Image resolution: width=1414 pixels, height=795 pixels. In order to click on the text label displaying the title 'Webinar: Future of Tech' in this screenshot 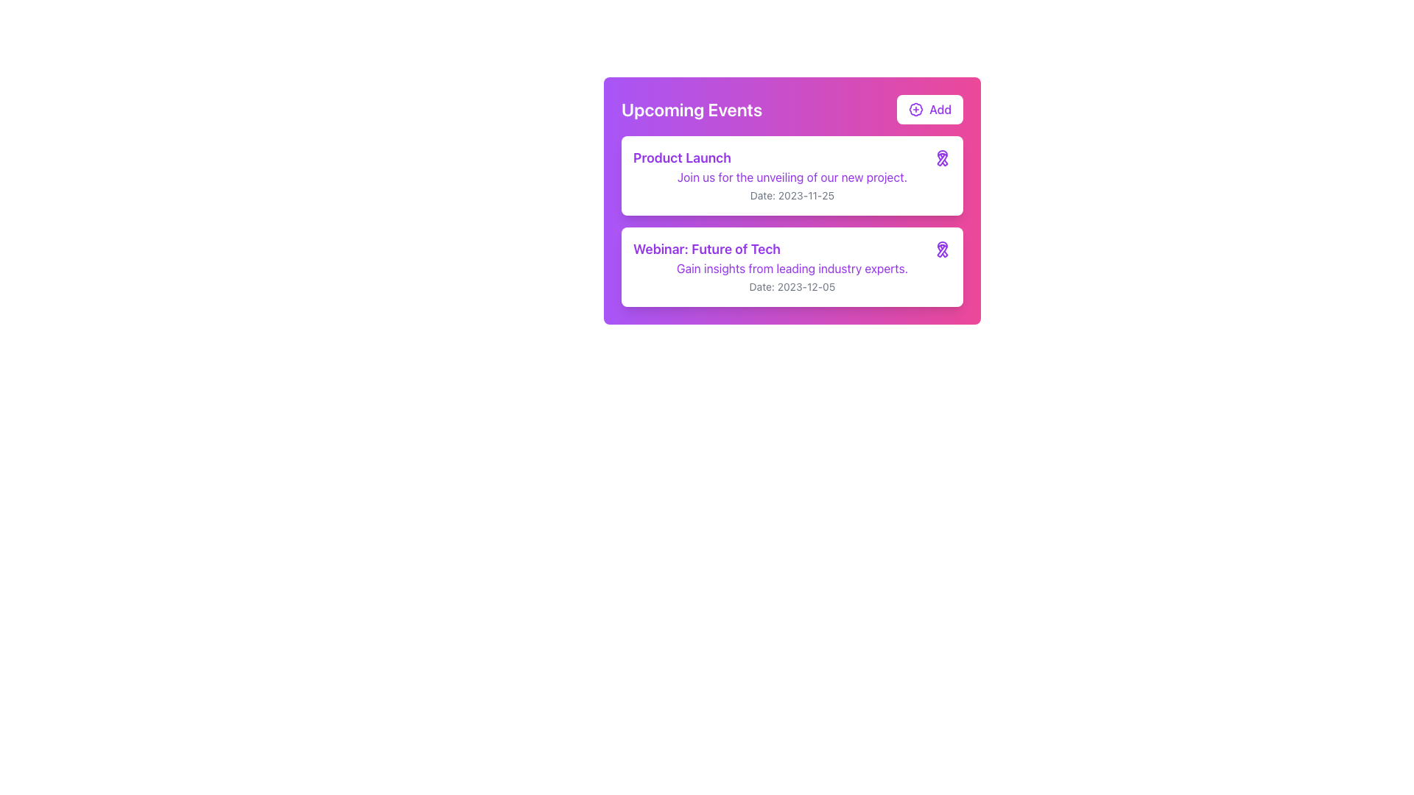, I will do `click(707, 249)`.